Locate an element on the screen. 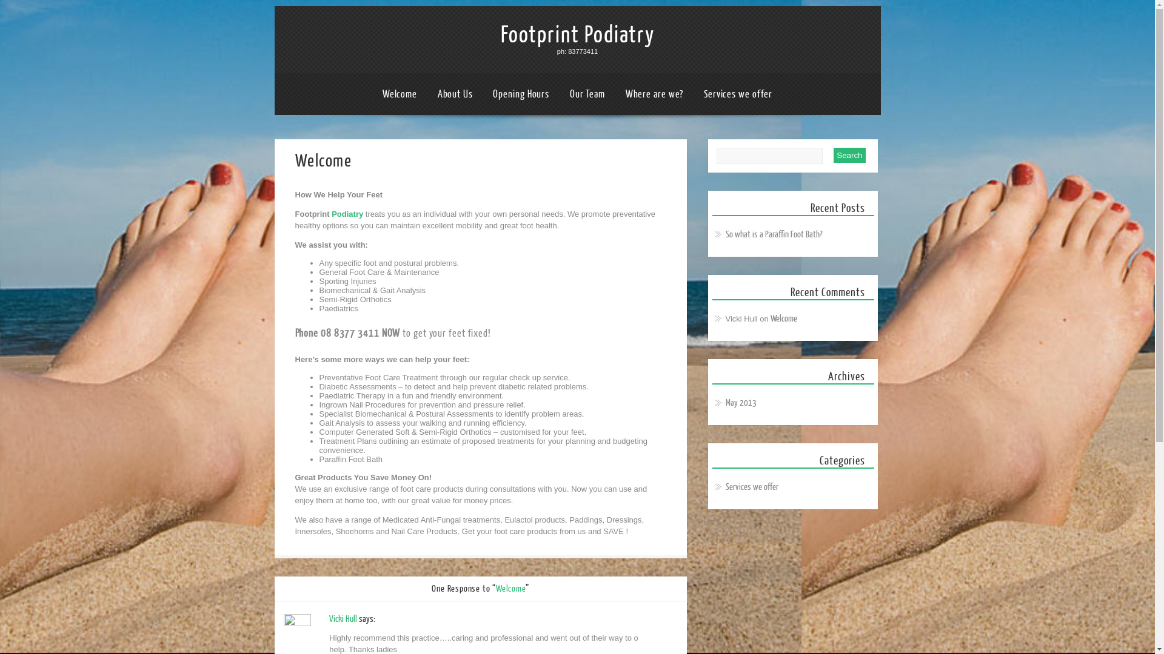 This screenshot has width=1164, height=654. 'Search' is located at coordinates (832, 154).